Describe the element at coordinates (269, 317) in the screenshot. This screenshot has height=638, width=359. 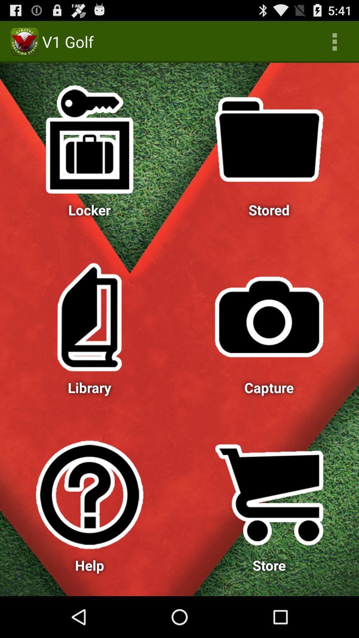
I see `the capture icon` at that location.